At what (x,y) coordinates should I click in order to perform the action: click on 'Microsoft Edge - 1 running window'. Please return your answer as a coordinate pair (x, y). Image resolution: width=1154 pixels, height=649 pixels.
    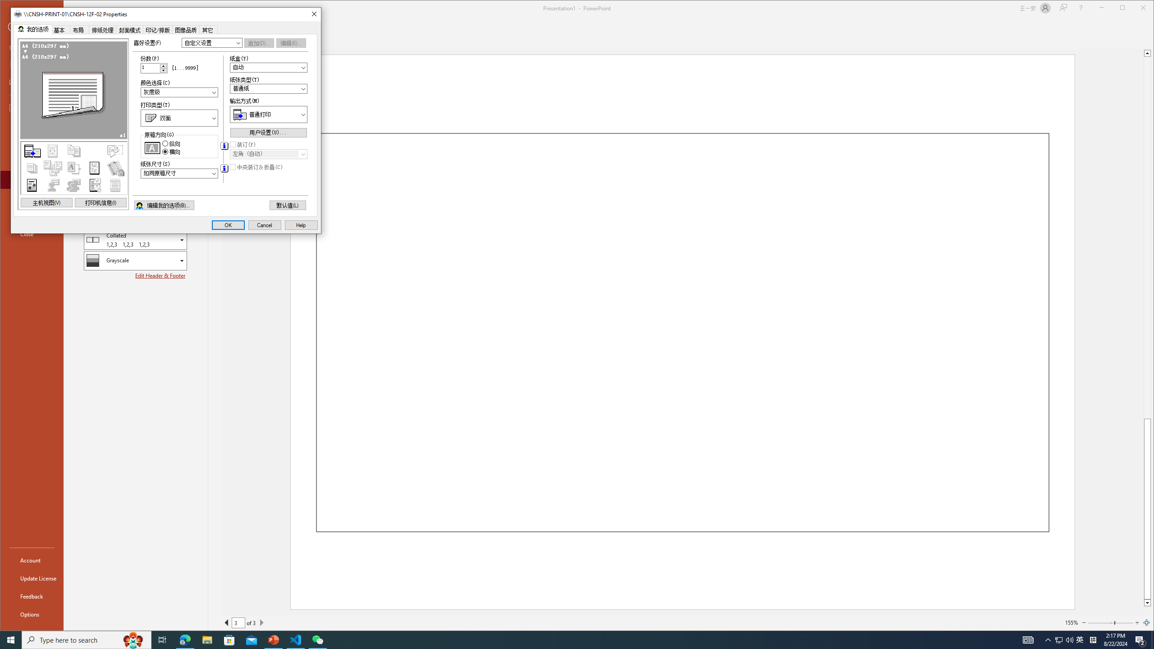
    Looking at the image, I should click on (184, 639).